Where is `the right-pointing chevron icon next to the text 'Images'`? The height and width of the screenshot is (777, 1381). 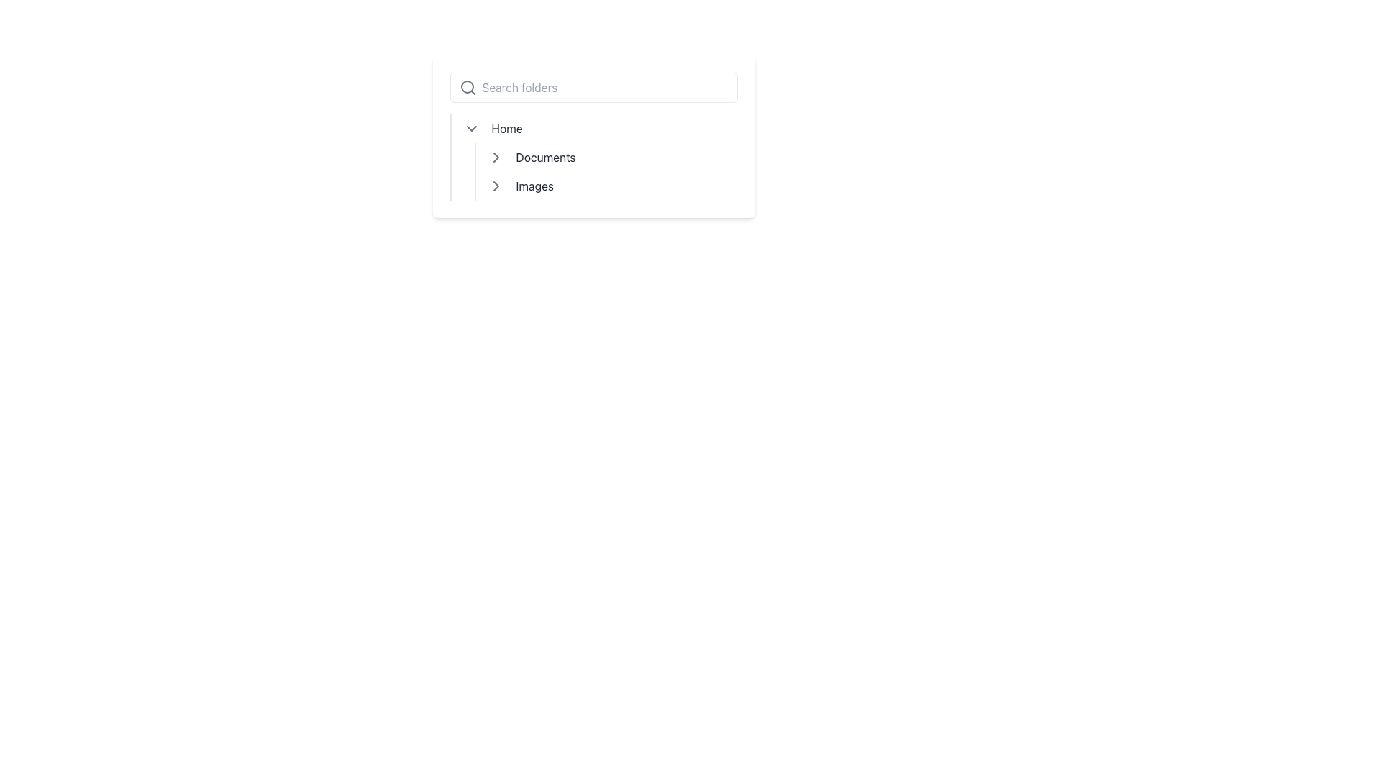
the right-pointing chevron icon next to the text 'Images' is located at coordinates (496, 185).